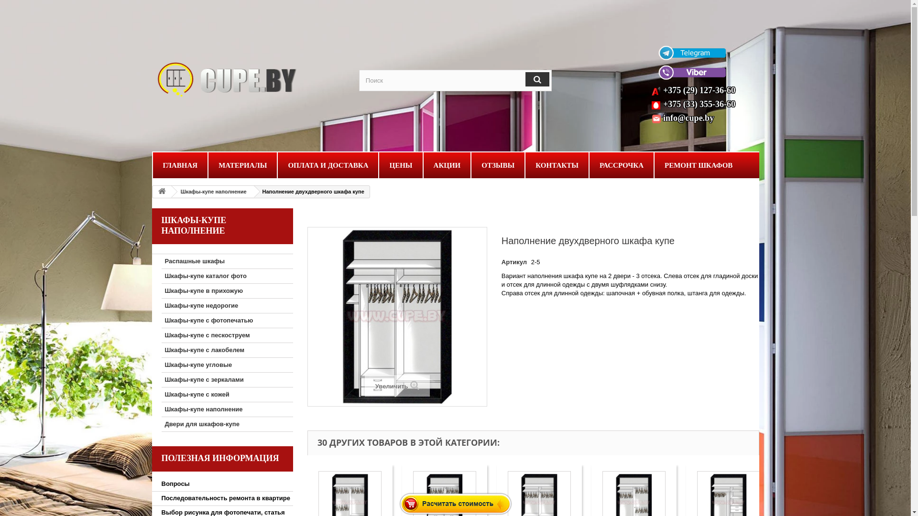 This screenshot has width=918, height=516. Describe the element at coordinates (699, 104) in the screenshot. I see `'+375 (33) 355-36-60'` at that location.